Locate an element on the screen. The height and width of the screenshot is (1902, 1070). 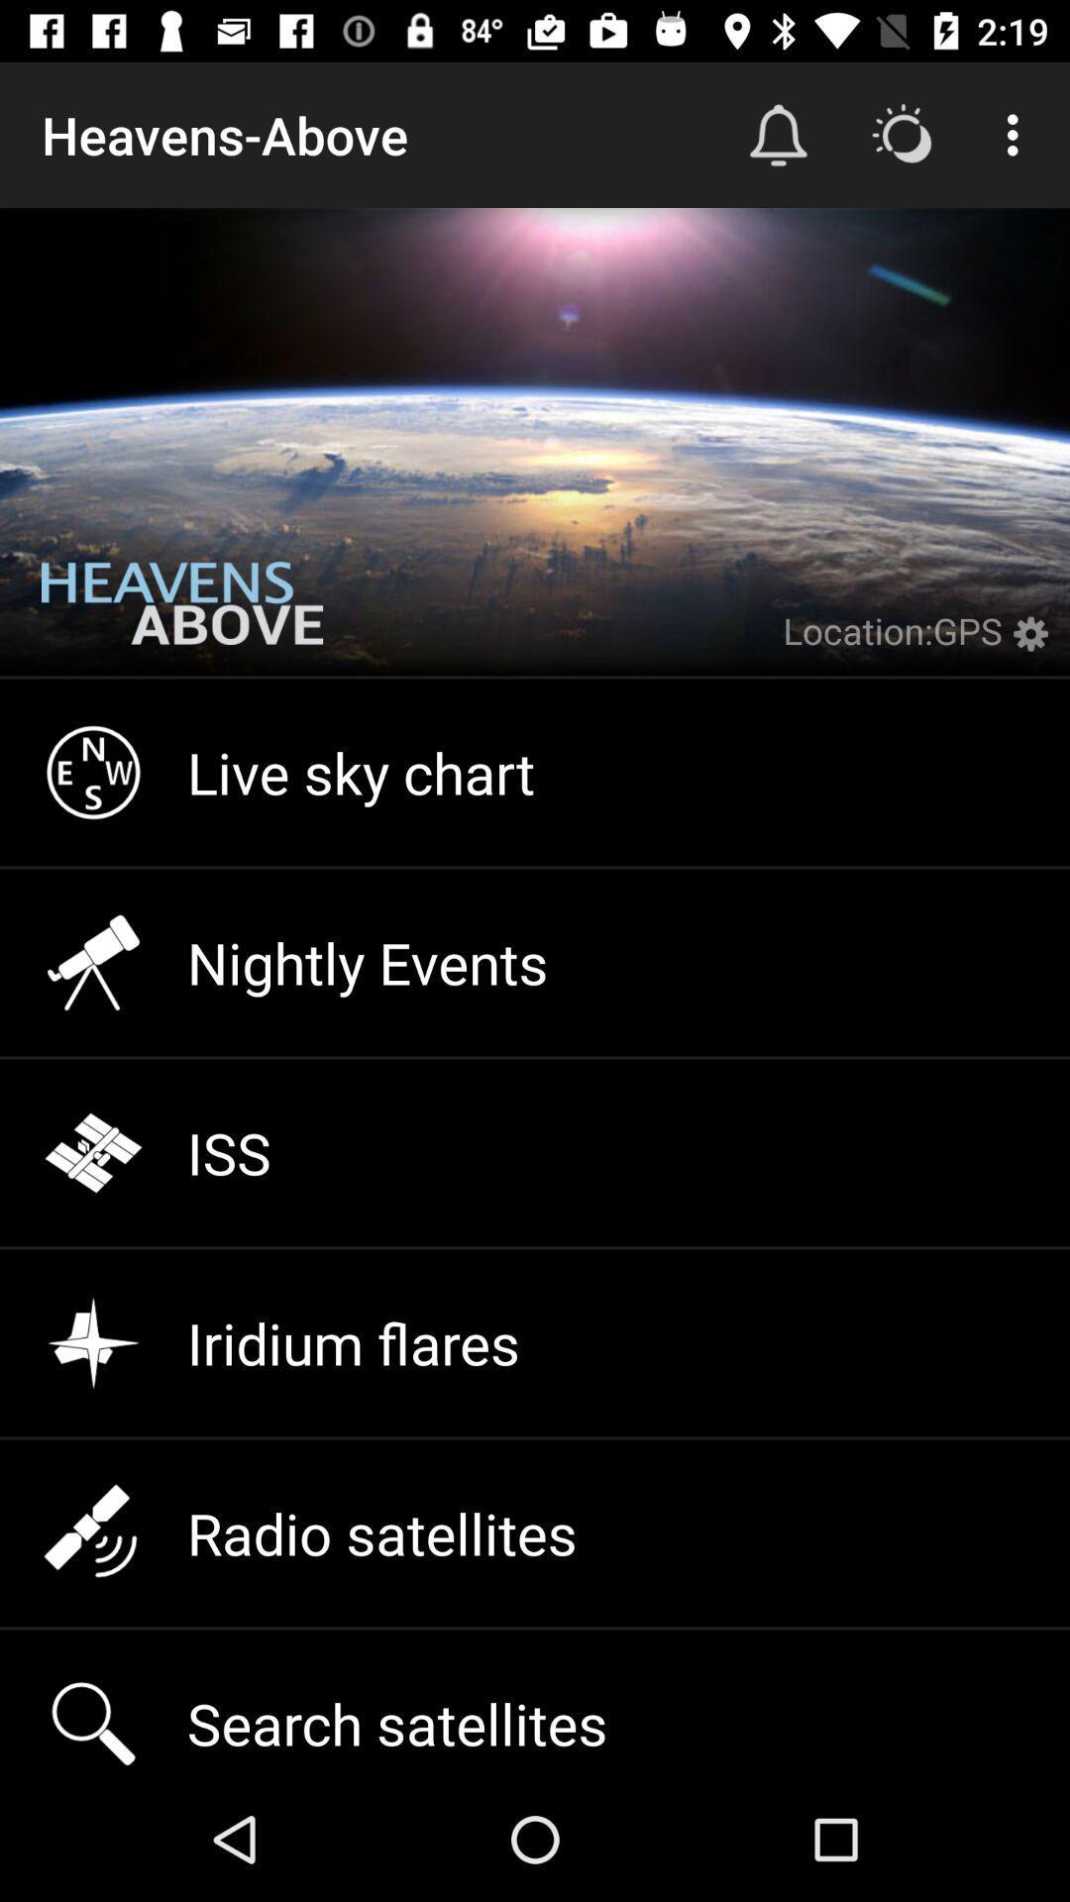
item above the iss is located at coordinates (535, 962).